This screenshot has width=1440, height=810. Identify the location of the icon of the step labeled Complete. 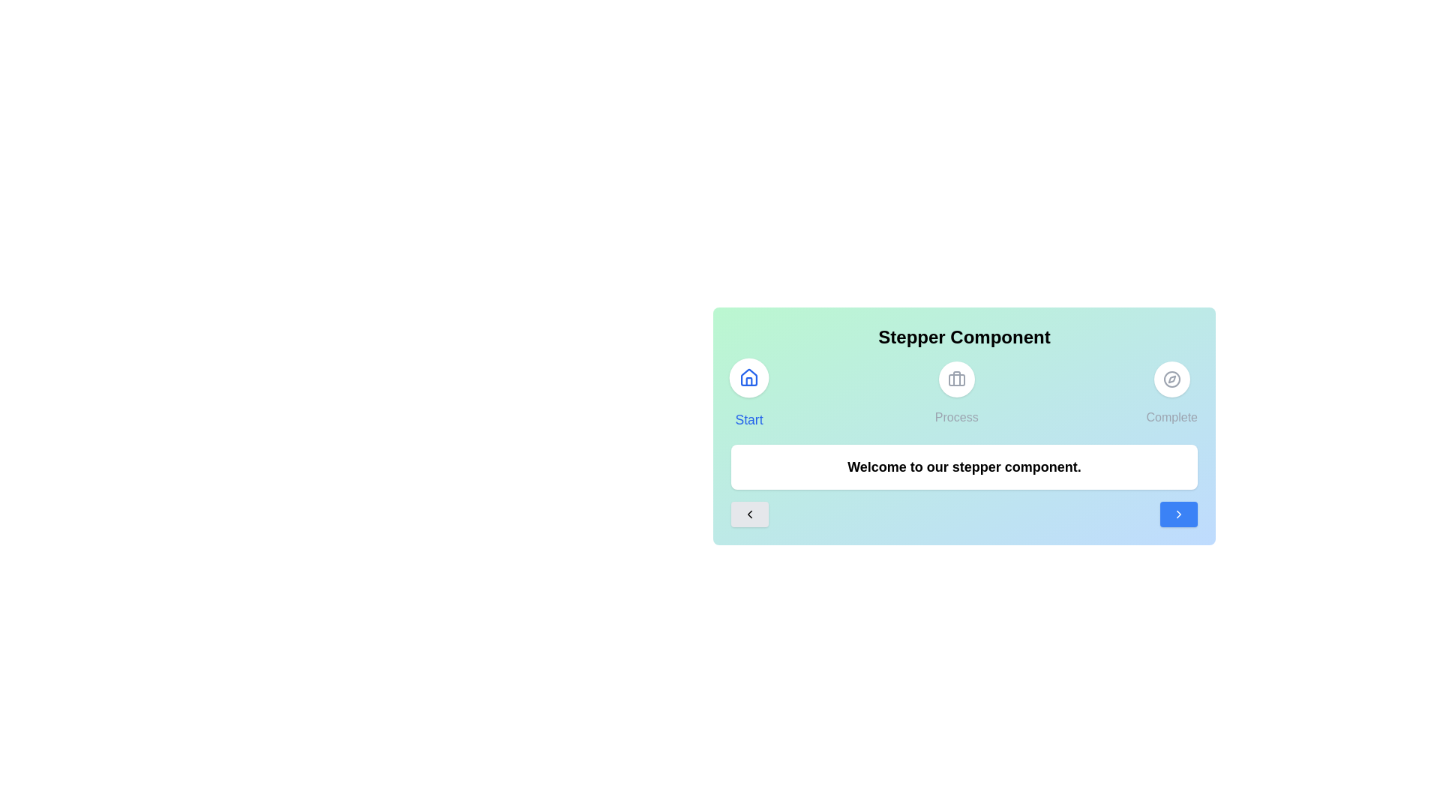
(1170, 378).